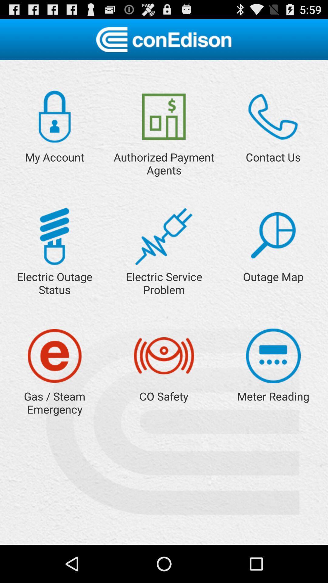 This screenshot has width=328, height=583. What do you see at coordinates (163, 117) in the screenshot?
I see `the item next to the my account app` at bounding box center [163, 117].